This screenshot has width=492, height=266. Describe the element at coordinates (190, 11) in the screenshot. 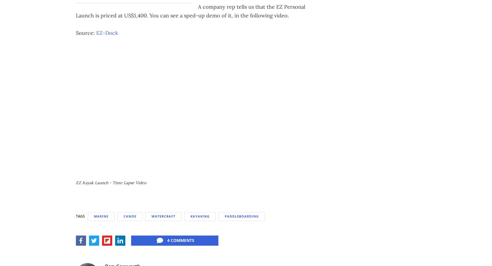

I see `'A company rep tells us that the EZ Personal Launch is priced at US$1,400. You can see a sped-up demo of it, in the following video.'` at that location.